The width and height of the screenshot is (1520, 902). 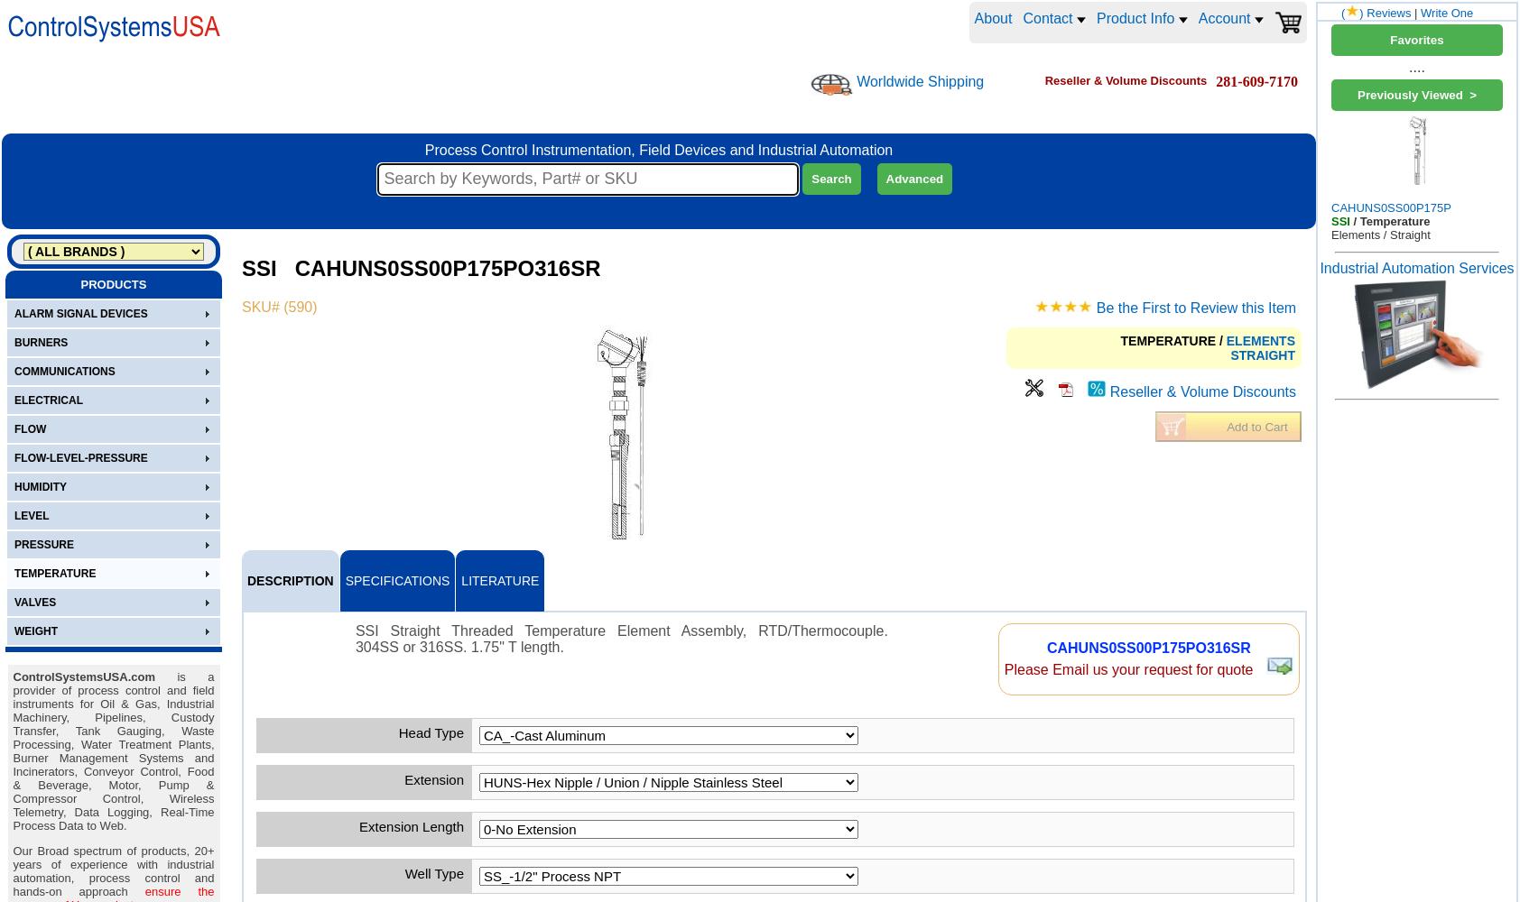 What do you see at coordinates (1380, 235) in the screenshot?
I see `'Elements / Straight'` at bounding box center [1380, 235].